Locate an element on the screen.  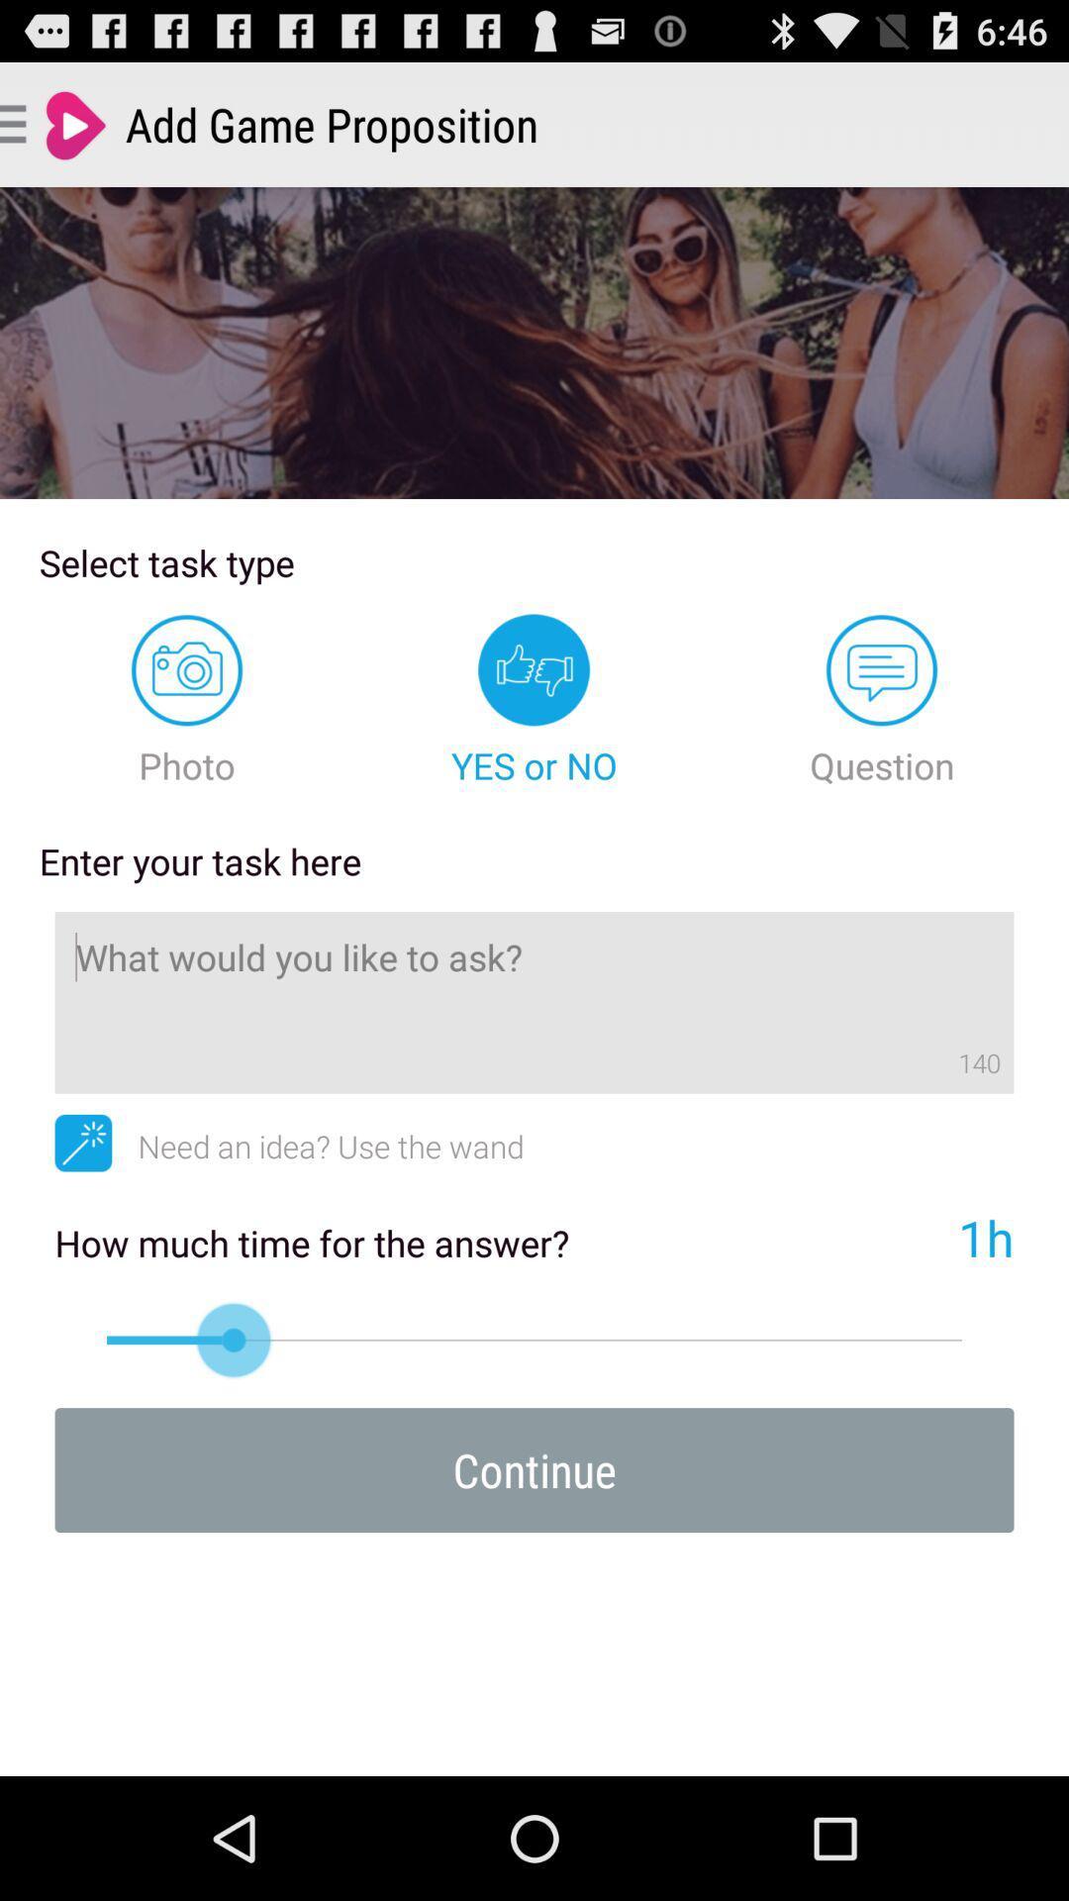
typing is located at coordinates (534, 1002).